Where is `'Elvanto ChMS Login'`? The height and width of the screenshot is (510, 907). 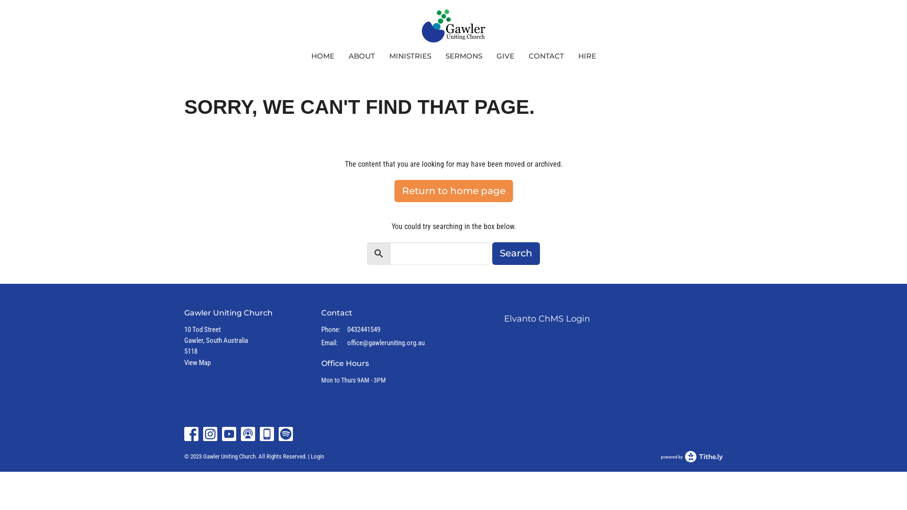 'Elvanto ChMS Login' is located at coordinates (547, 319).